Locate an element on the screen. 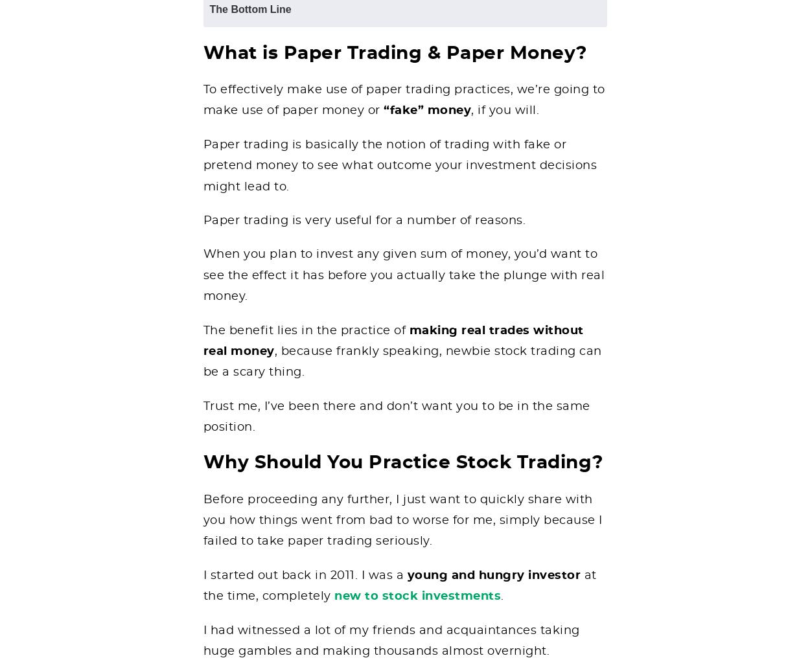 Image resolution: width=810 pixels, height=669 pixels. 'Before proceeding any further, I just want to quickly share with you how things went from bad to worse for me, simply because I failed to take paper trading seriously.' is located at coordinates (402, 520).